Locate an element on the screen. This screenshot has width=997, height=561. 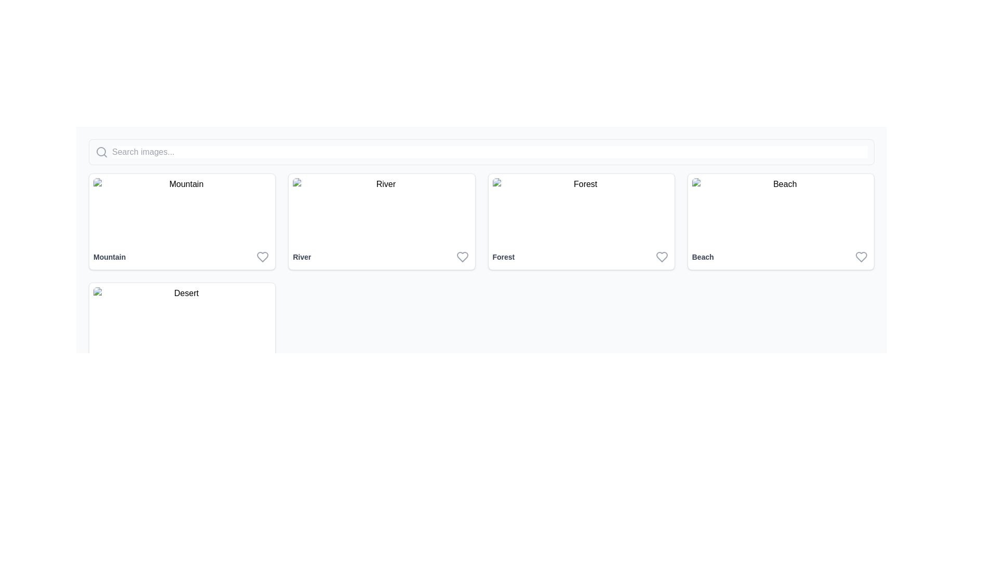
the 'Mountain' image placeholder at the top-left corner of the interface is located at coordinates (182, 211).